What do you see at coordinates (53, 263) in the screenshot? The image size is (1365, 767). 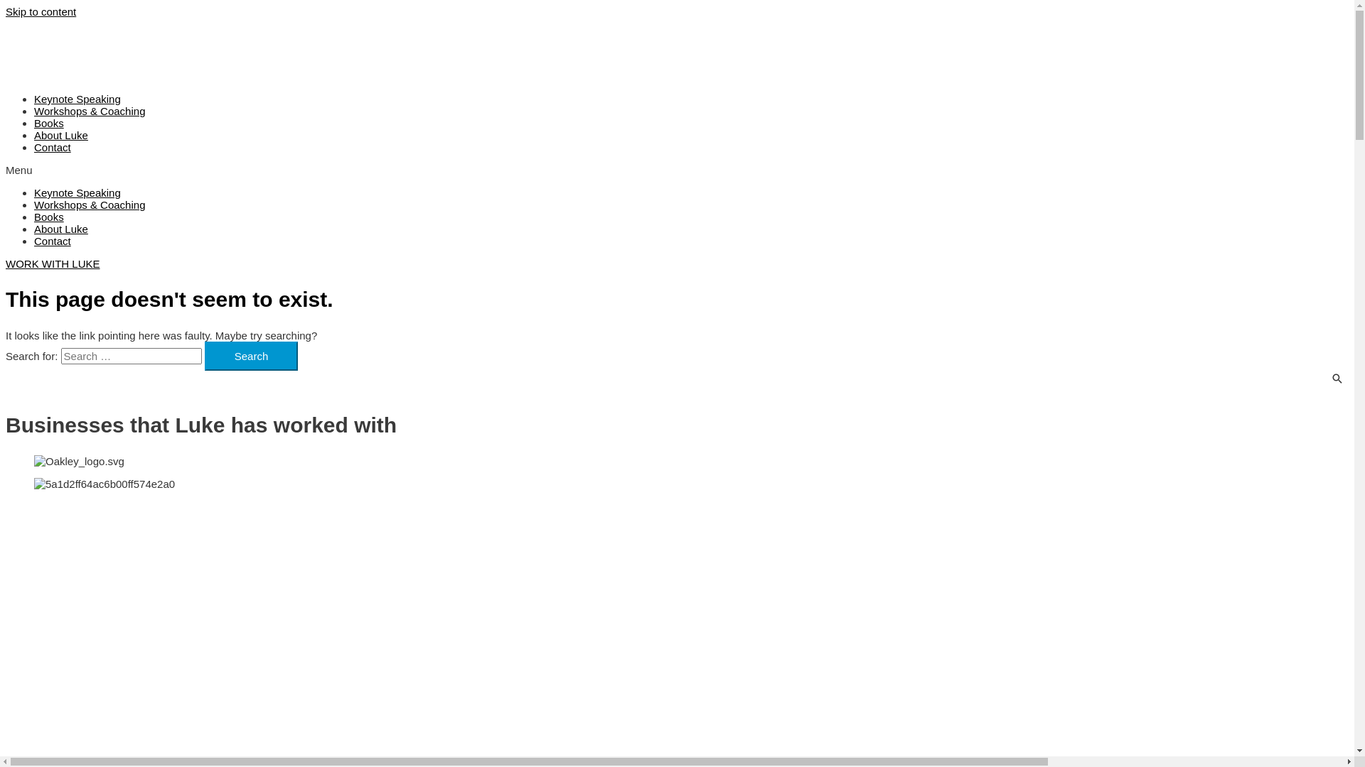 I see `'WORK WITH LUKE'` at bounding box center [53, 263].